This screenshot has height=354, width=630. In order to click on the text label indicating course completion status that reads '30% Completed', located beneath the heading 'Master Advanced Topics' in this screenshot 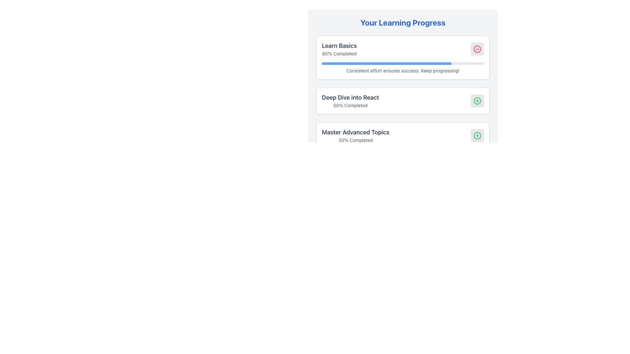, I will do `click(355, 140)`.